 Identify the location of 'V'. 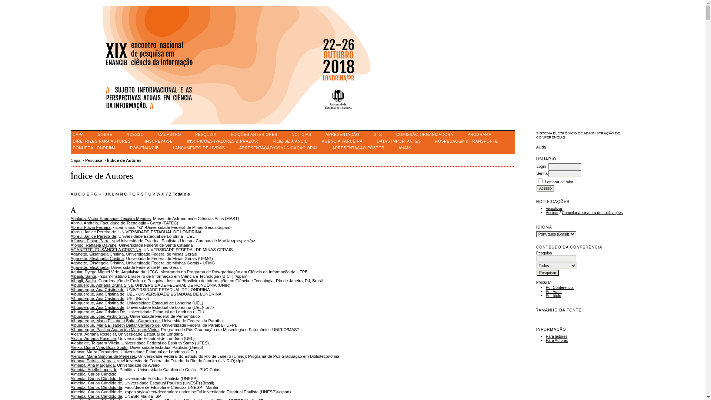
(153, 194).